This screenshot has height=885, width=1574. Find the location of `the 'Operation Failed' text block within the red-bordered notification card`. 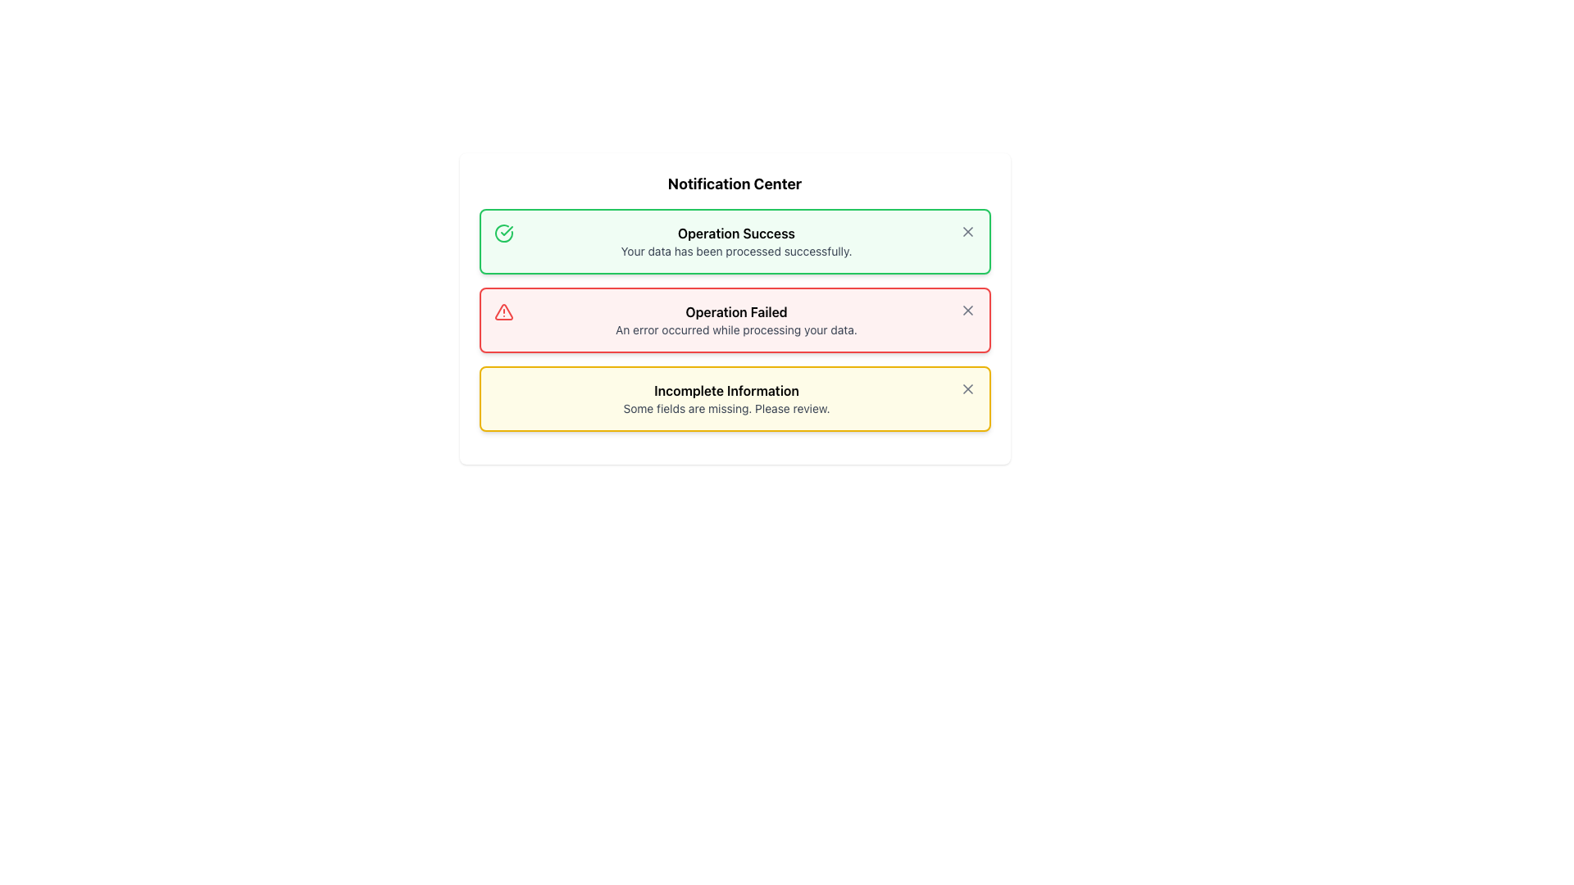

the 'Operation Failed' text block within the red-bordered notification card is located at coordinates (735, 320).